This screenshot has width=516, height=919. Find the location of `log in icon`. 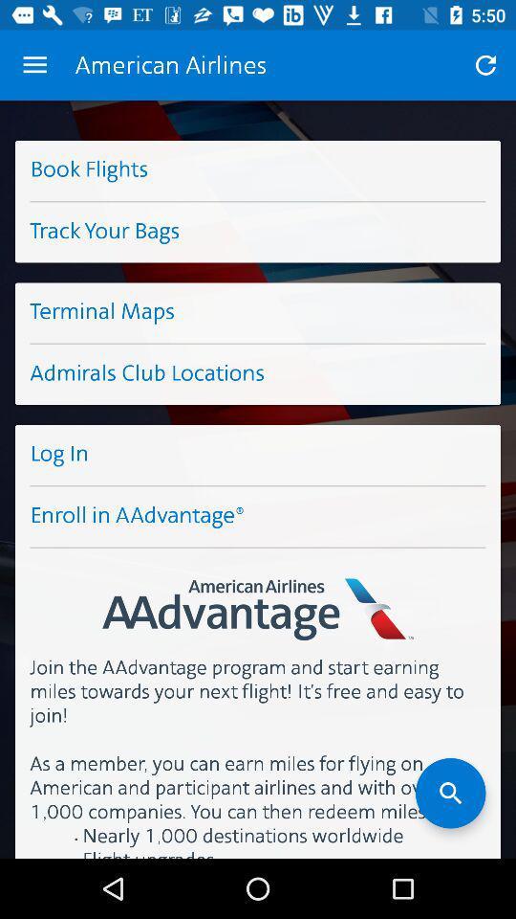

log in icon is located at coordinates (258, 455).